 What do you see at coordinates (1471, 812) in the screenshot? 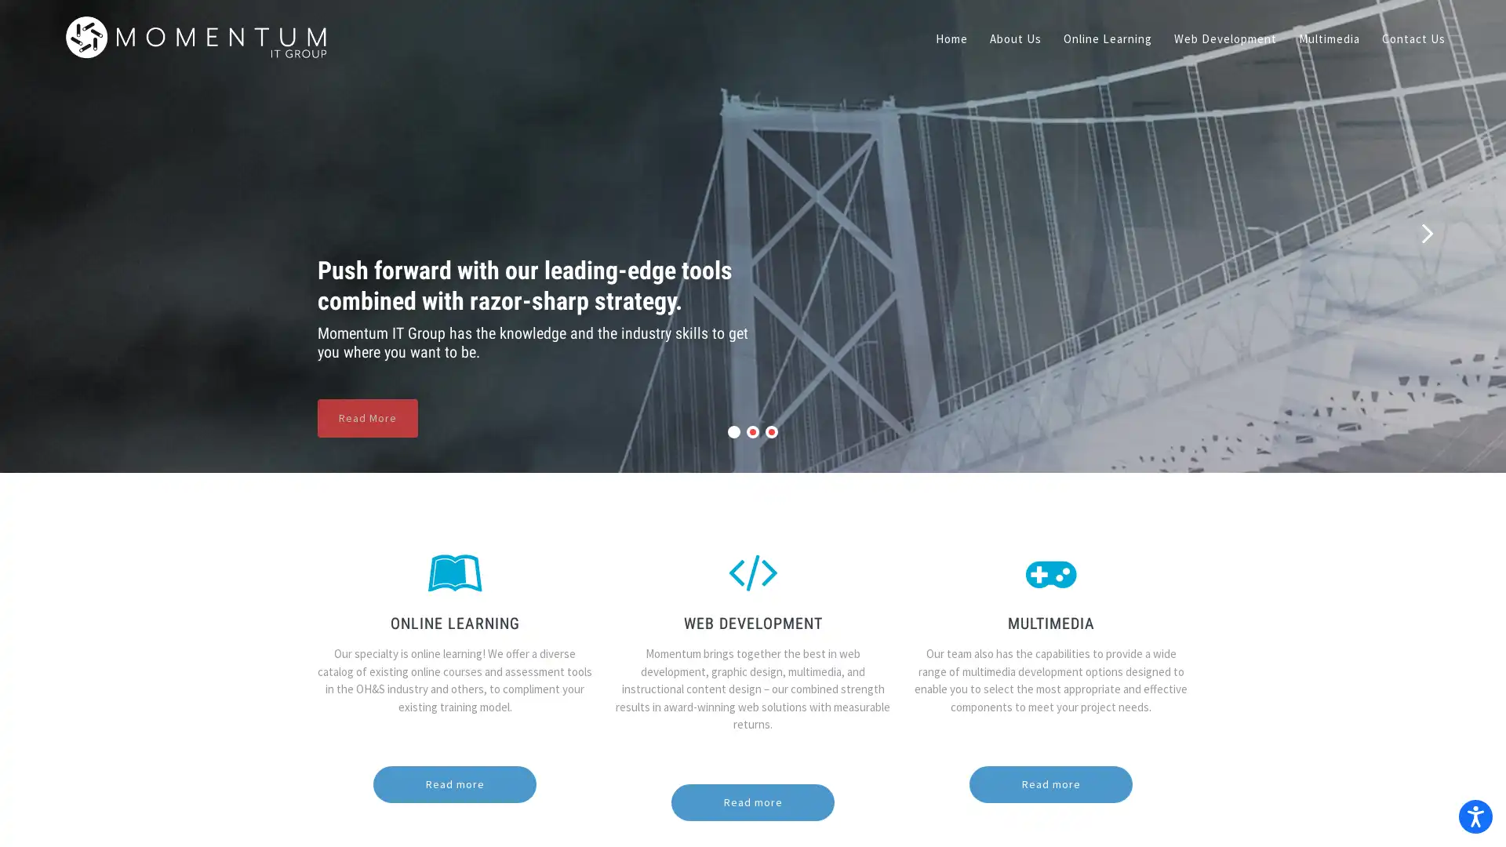
I see `Open accessibility options, statement and help` at bounding box center [1471, 812].